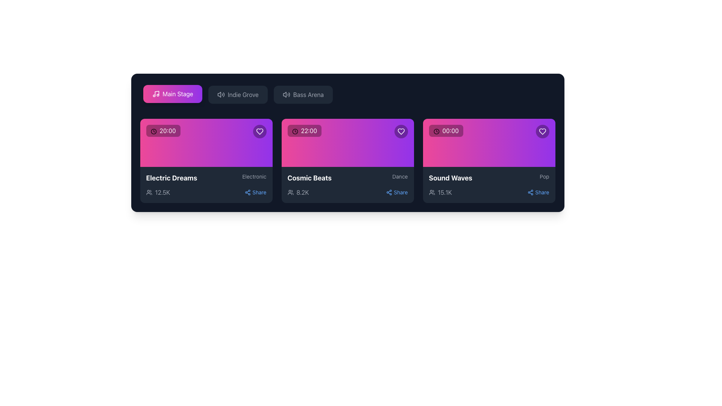  I want to click on the Text Label in the bottom-right corner of the 'Sound Waves' event card, so click(542, 192).